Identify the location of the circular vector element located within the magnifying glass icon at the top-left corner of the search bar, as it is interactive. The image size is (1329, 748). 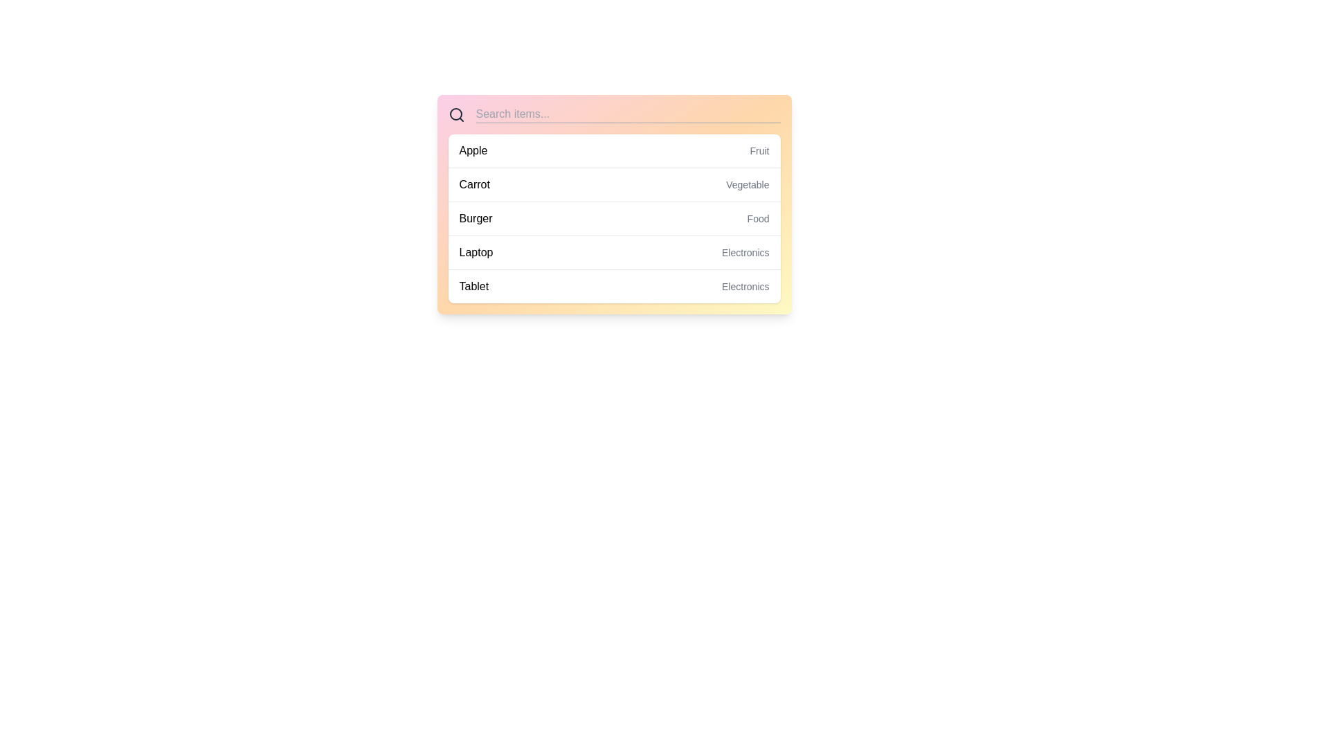
(455, 113).